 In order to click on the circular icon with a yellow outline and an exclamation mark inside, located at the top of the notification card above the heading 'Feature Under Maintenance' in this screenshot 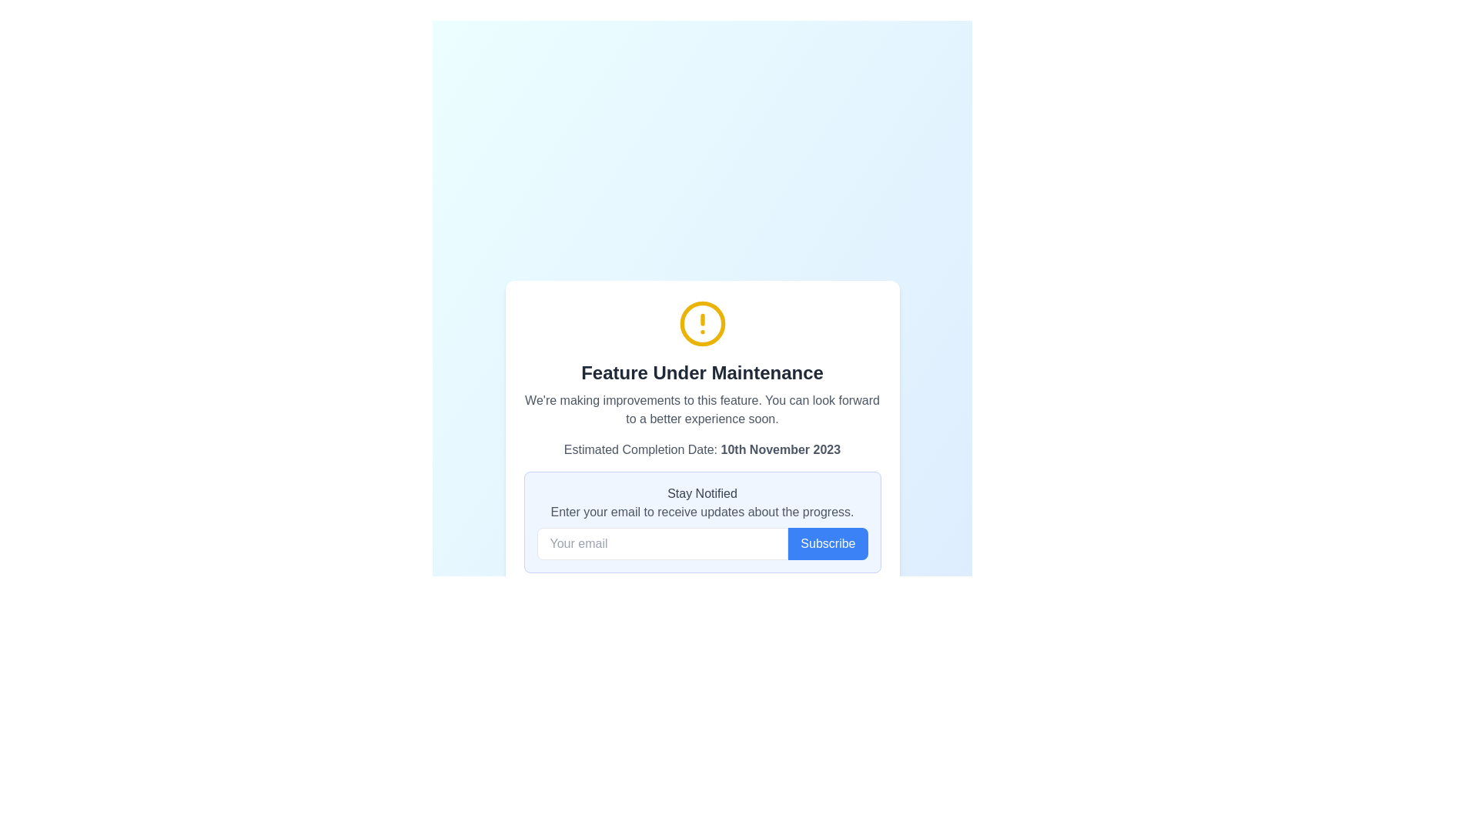, I will do `click(701, 322)`.